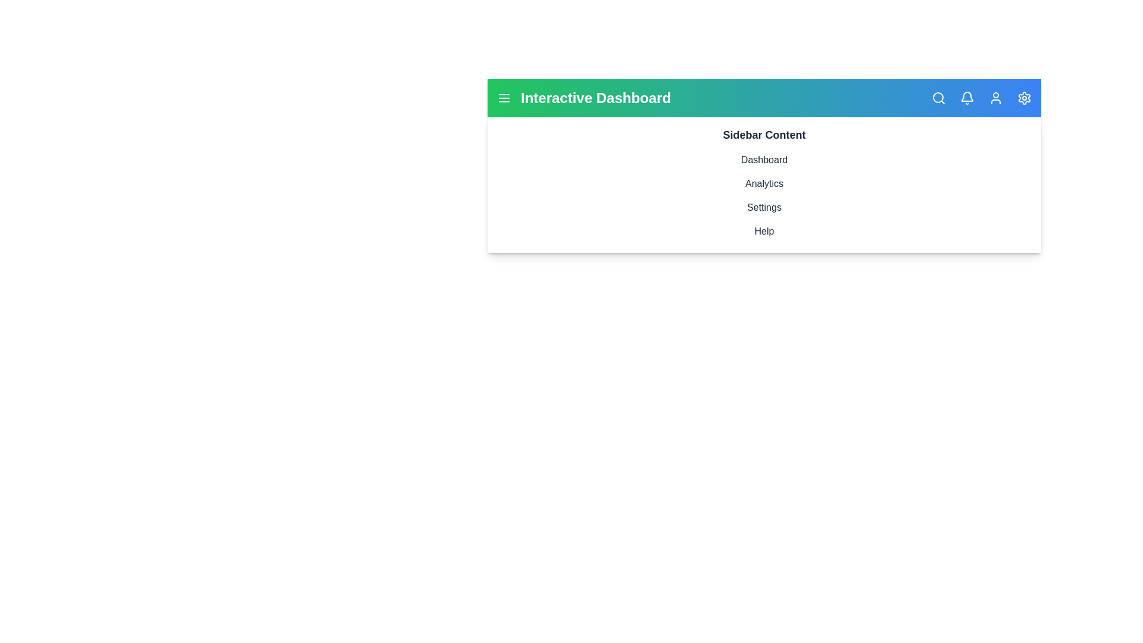  I want to click on the navigation icon Settings, so click(1024, 98).